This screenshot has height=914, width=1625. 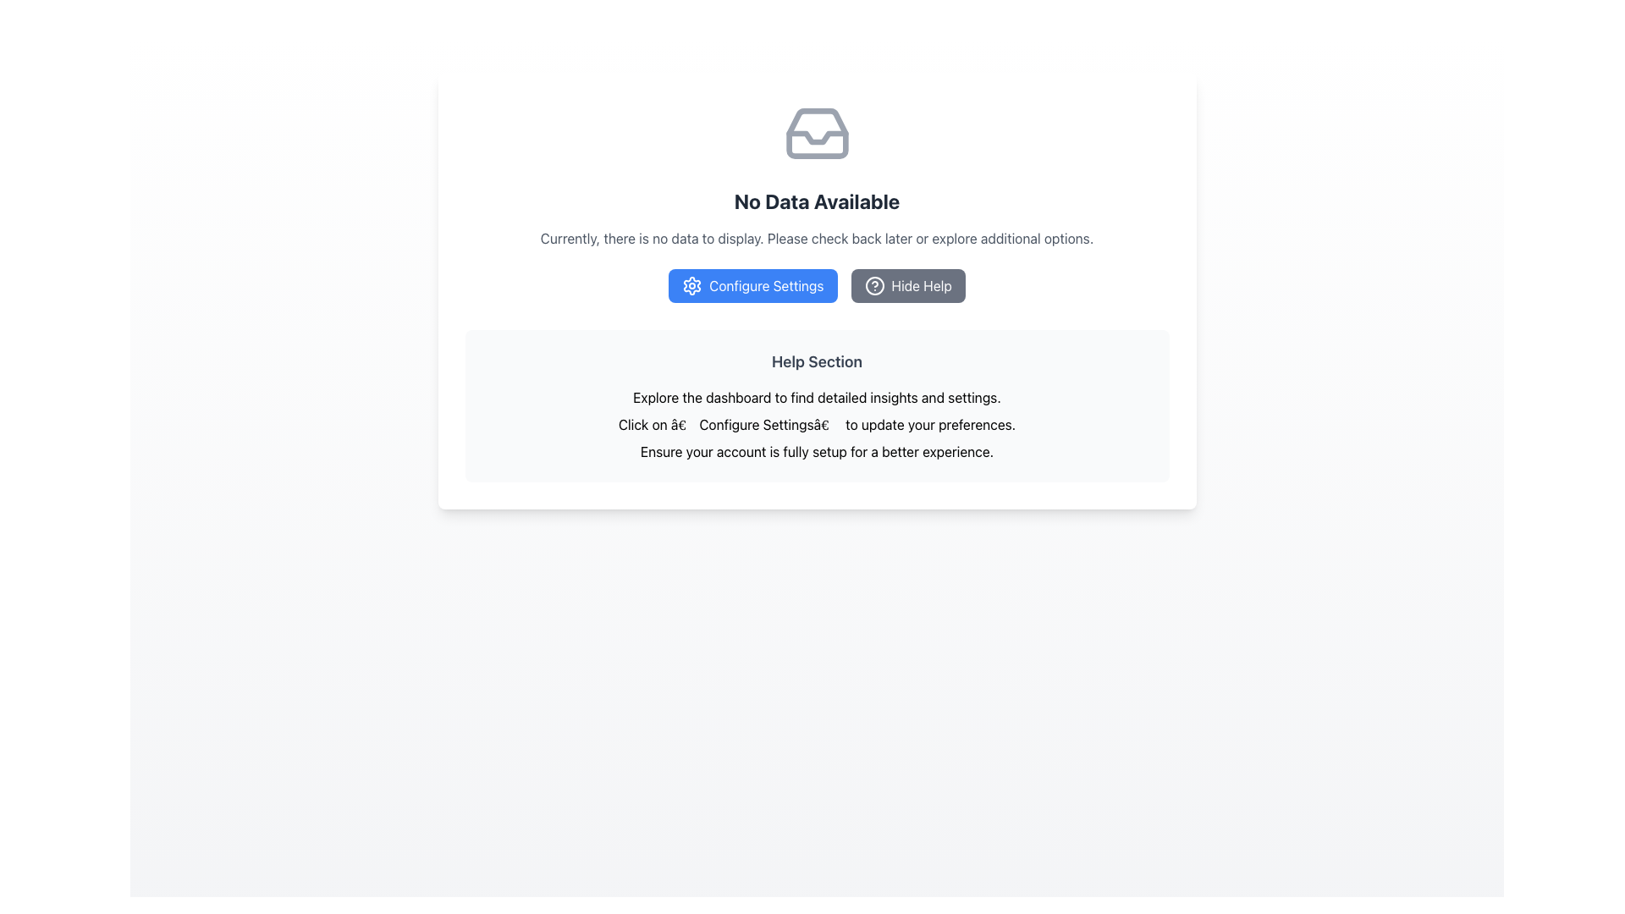 What do you see at coordinates (817, 133) in the screenshot?
I see `the inbox icon with a gray outline located at the top-center of the card-like section, positioned above the text 'No Data Available'` at bounding box center [817, 133].